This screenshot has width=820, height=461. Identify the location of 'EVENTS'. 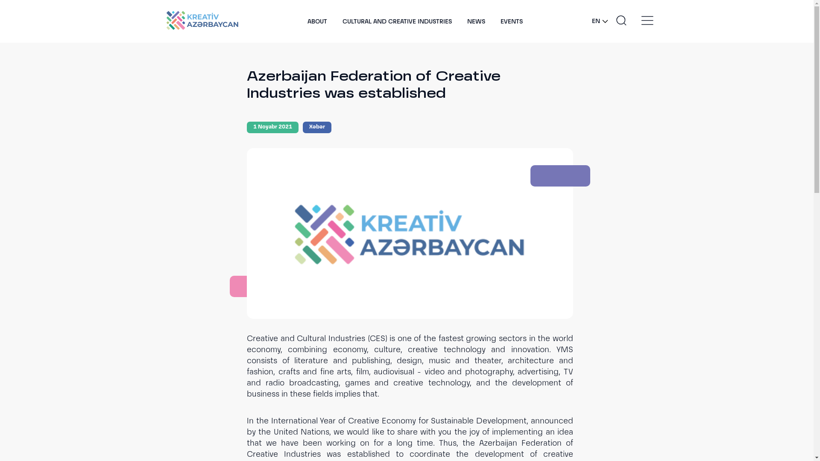
(512, 21).